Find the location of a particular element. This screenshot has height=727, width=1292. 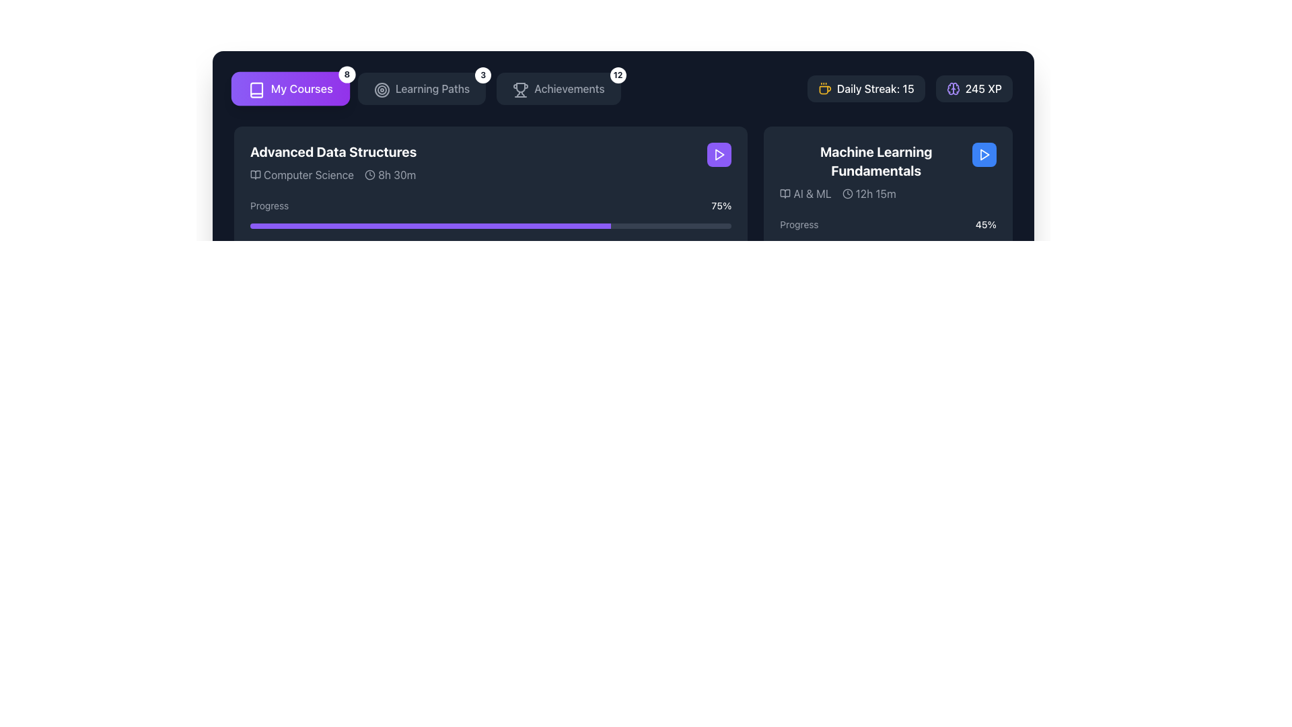

the open book icon representing educational content located to the left of the 'Computer Science' text label in the 'Advanced Data Structures' course section is located at coordinates (255, 174).